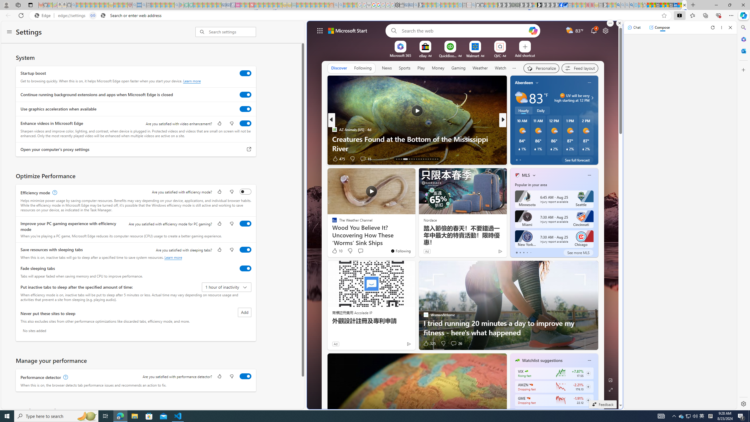 This screenshot has height=422, width=750. I want to click on 'AutomationID: tab-22', so click(421, 159).